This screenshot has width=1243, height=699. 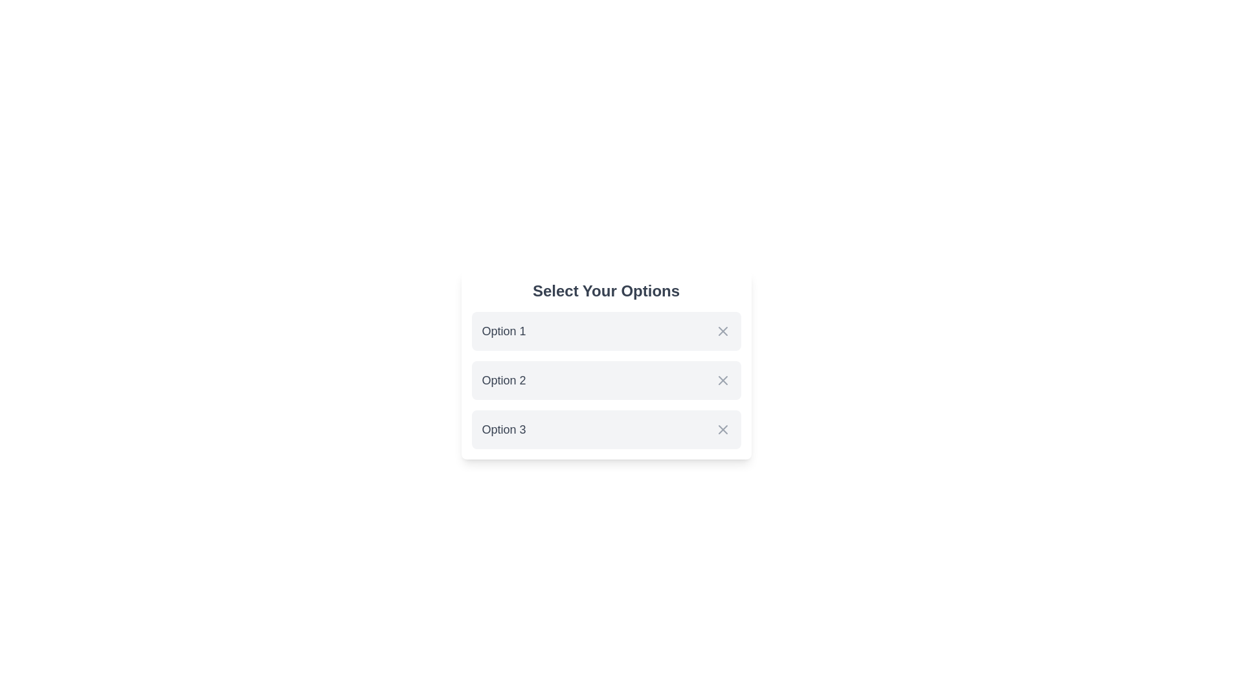 What do you see at coordinates (605, 291) in the screenshot?
I see `the text label that reads 'Select Your Options', which is prominently displayed in bold, dark gray font at the top-center of a white rounded box` at bounding box center [605, 291].